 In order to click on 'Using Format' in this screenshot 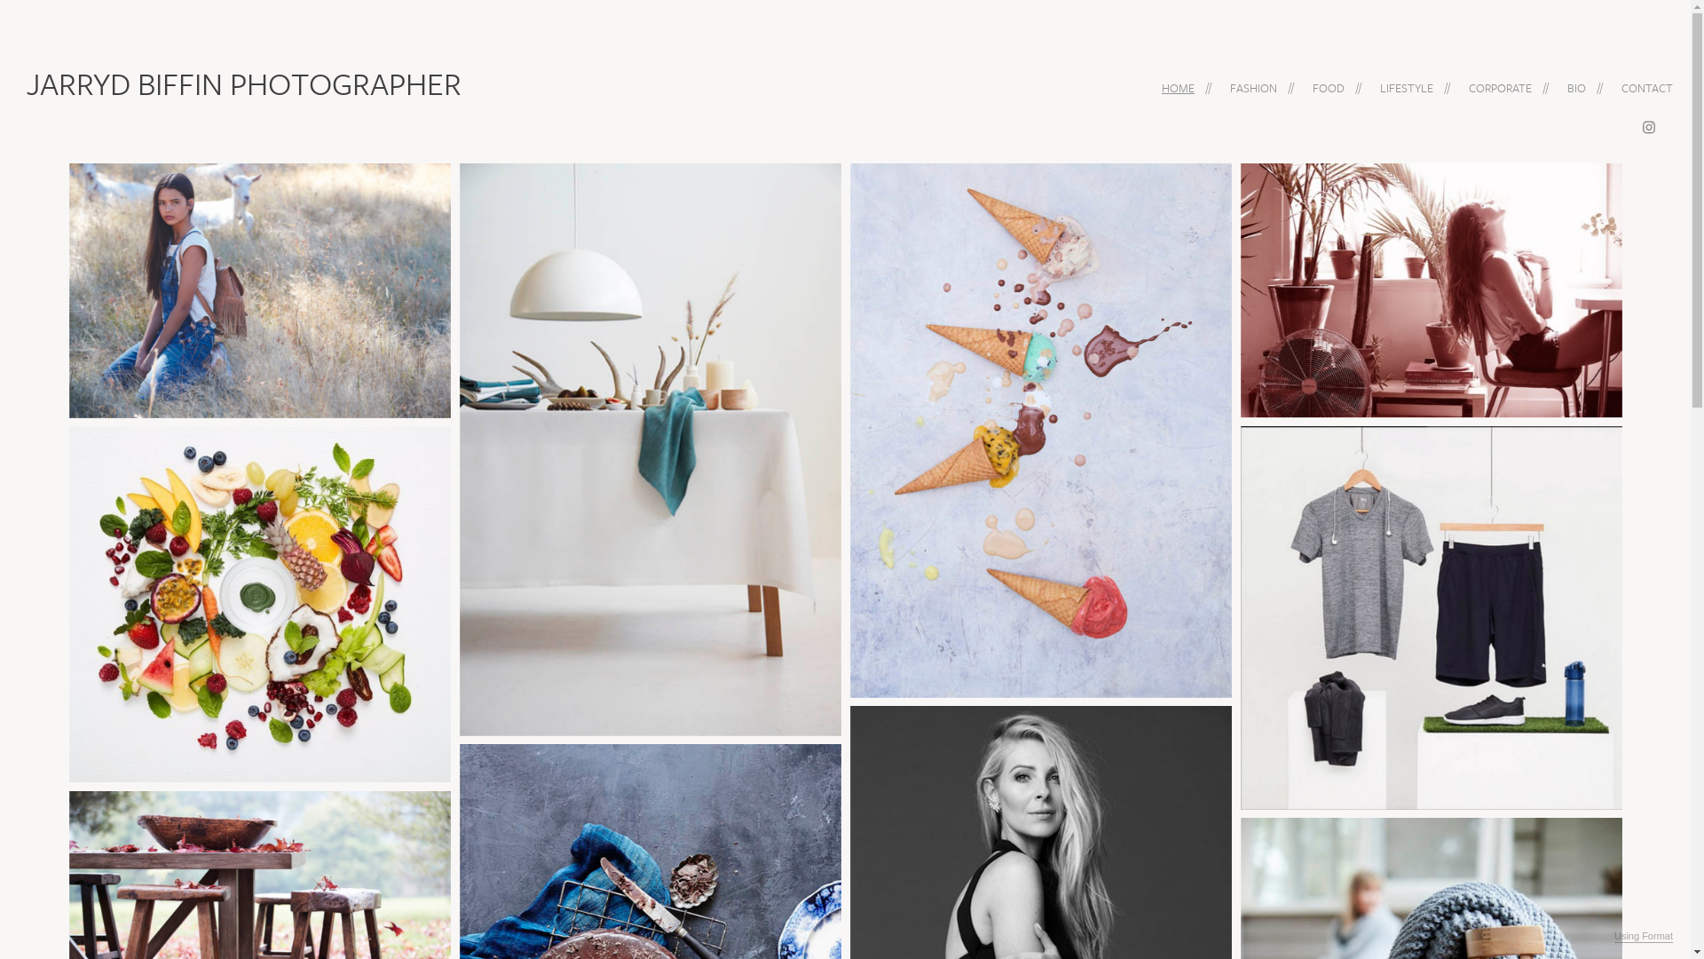, I will do `click(1643, 936)`.